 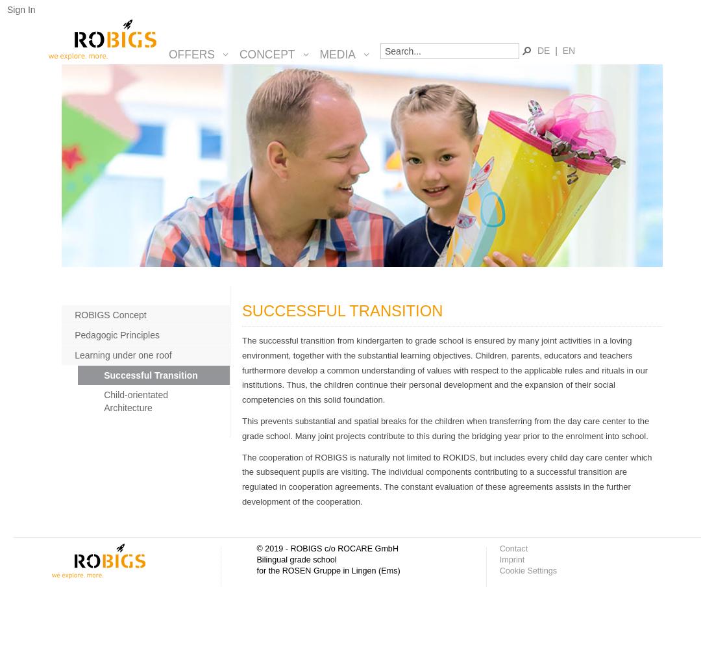 What do you see at coordinates (568, 49) in the screenshot?
I see `'EN'` at bounding box center [568, 49].